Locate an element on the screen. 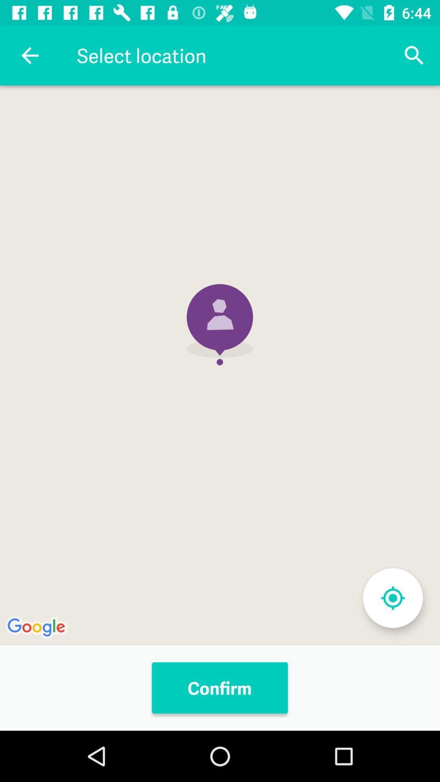 The image size is (440, 782). the confirm is located at coordinates (219, 688).